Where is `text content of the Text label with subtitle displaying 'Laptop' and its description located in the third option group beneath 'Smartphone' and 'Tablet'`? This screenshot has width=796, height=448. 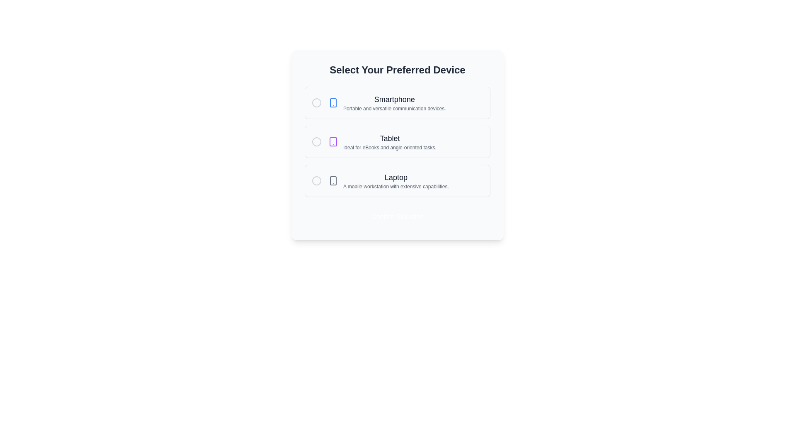
text content of the Text label with subtitle displaying 'Laptop' and its description located in the third option group beneath 'Smartphone' and 'Tablet' is located at coordinates (396, 180).